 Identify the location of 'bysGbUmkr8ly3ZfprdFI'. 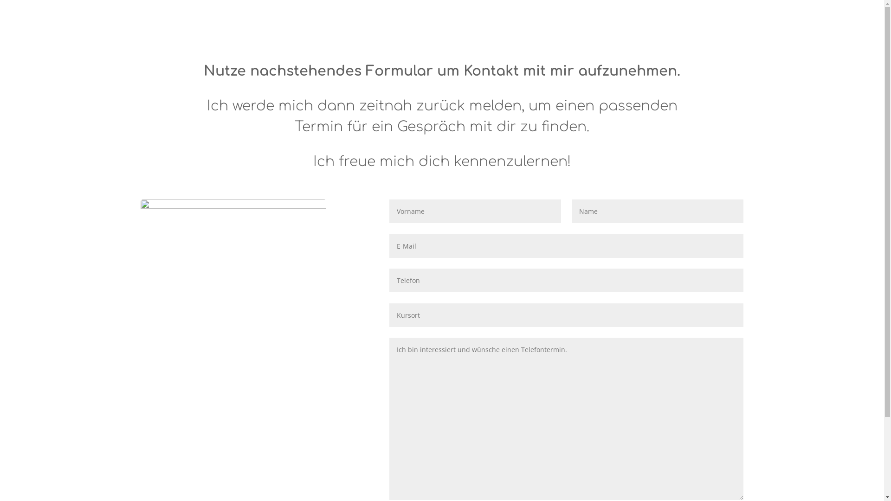
(233, 261).